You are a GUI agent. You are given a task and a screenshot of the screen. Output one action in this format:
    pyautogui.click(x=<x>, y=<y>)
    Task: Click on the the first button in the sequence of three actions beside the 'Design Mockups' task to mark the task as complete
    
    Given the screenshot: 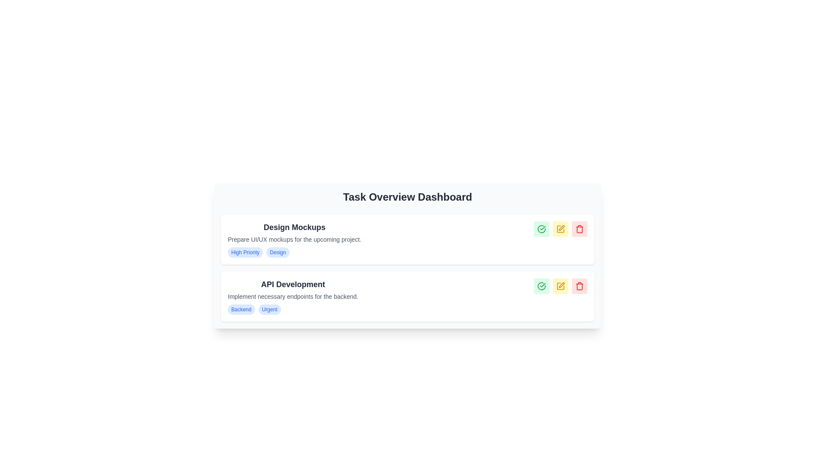 What is the action you would take?
    pyautogui.click(x=541, y=228)
    